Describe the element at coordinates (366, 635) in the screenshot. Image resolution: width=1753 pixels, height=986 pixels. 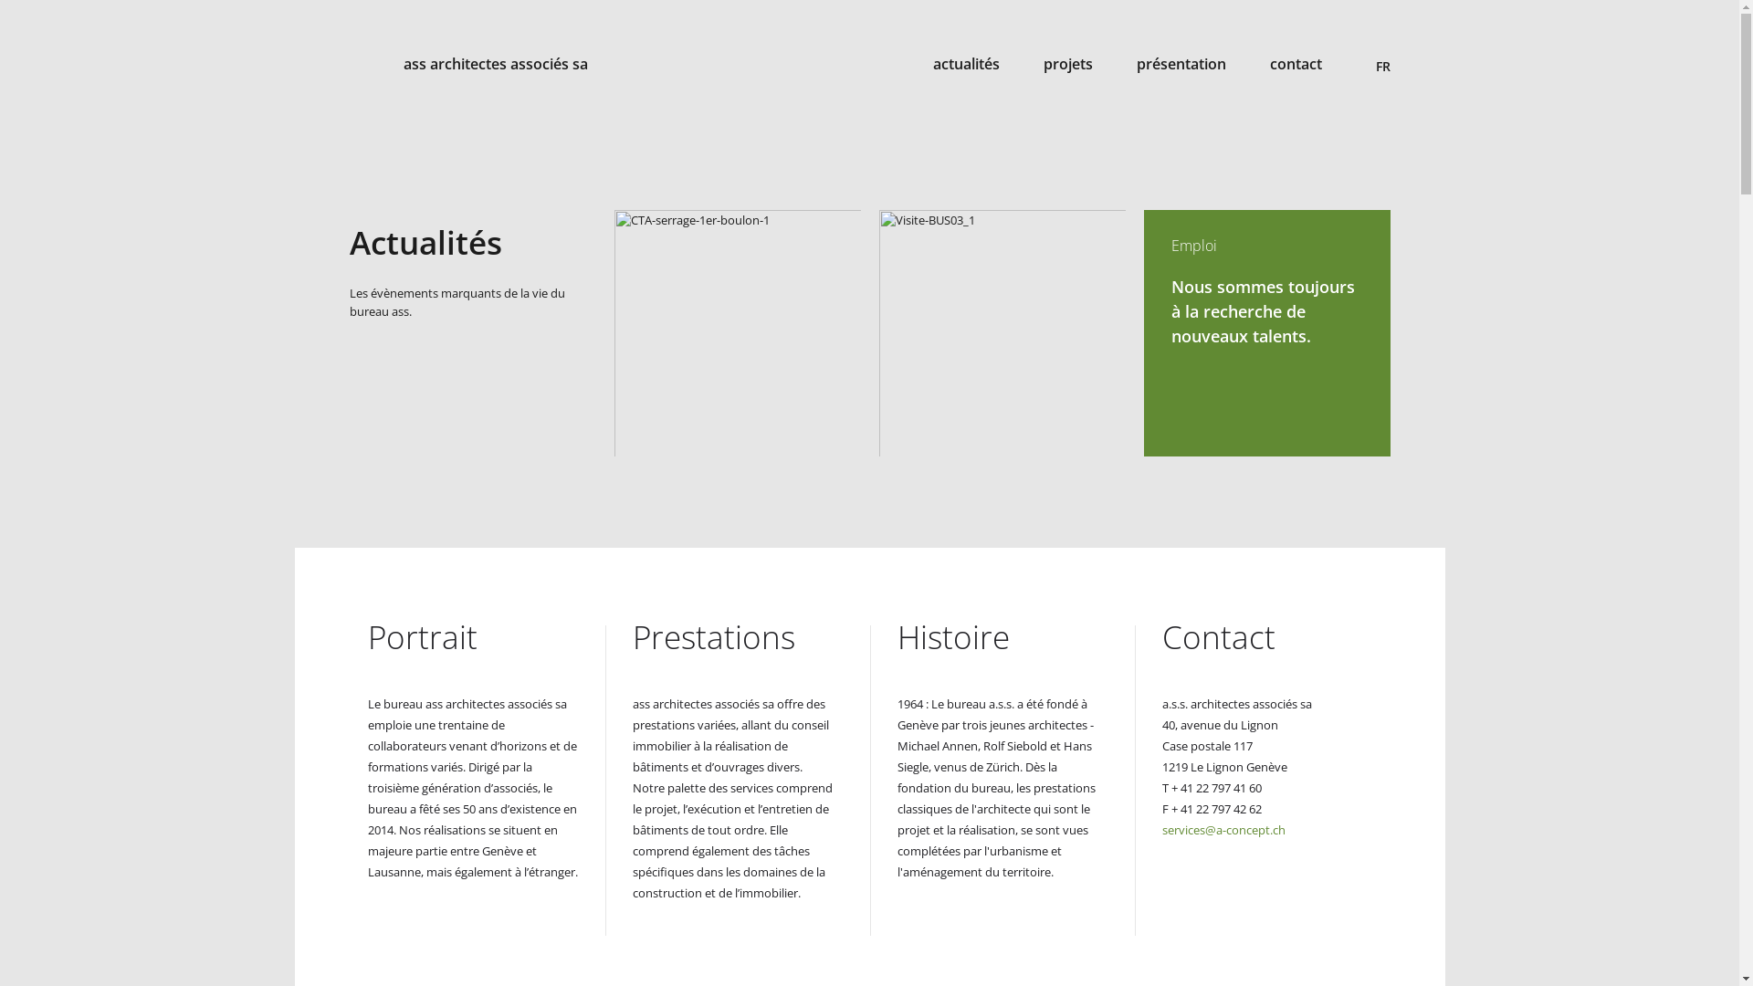
I see `'Portrait'` at that location.